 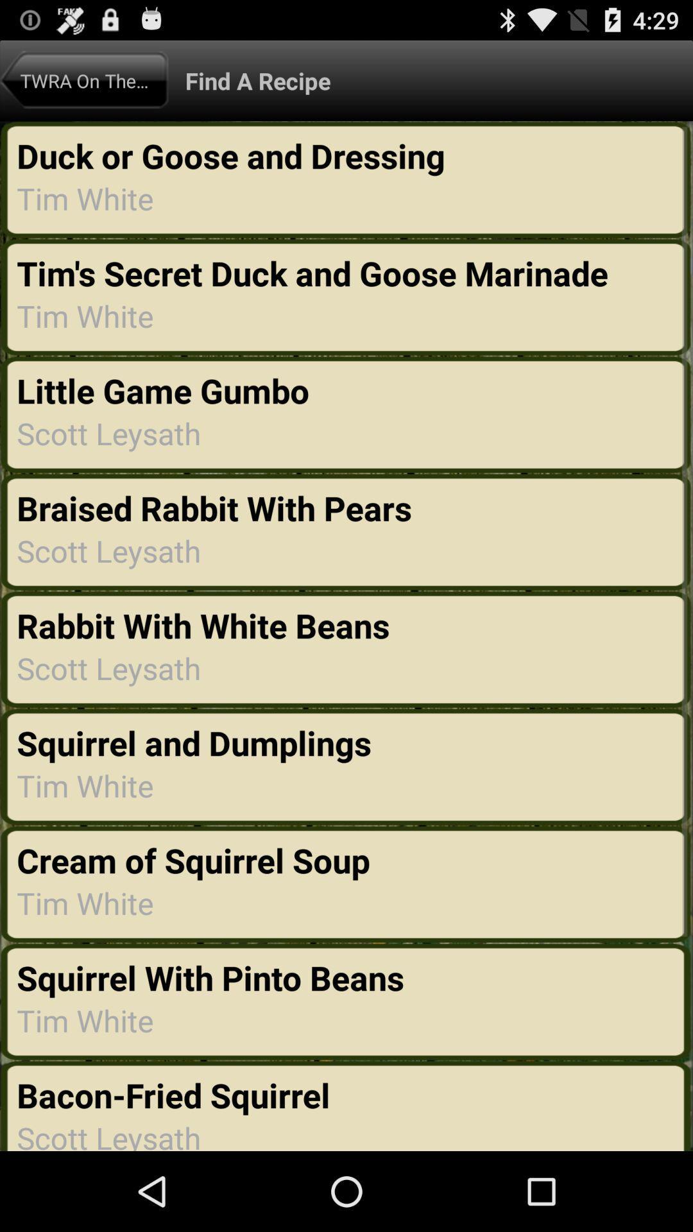 What do you see at coordinates (210, 977) in the screenshot?
I see `the icon above tim white  item` at bounding box center [210, 977].